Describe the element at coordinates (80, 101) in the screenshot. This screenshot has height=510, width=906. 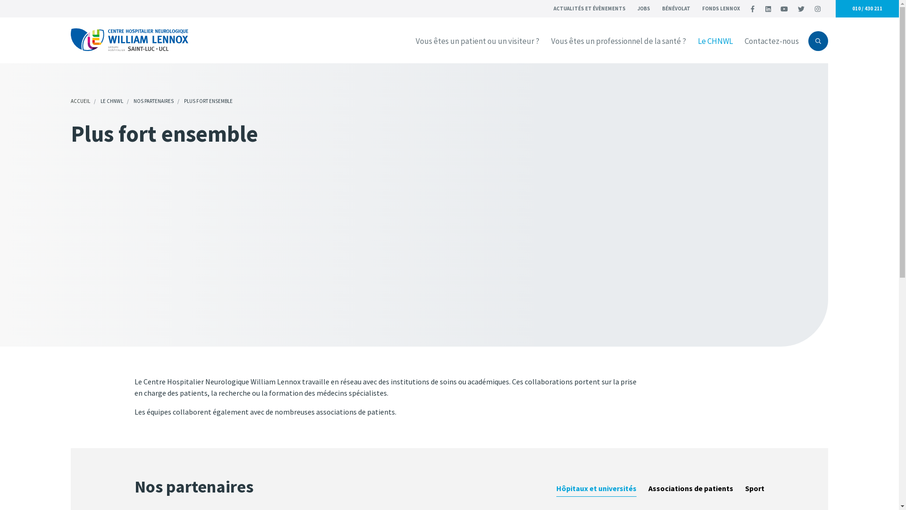
I see `'ACCUEIL'` at that location.